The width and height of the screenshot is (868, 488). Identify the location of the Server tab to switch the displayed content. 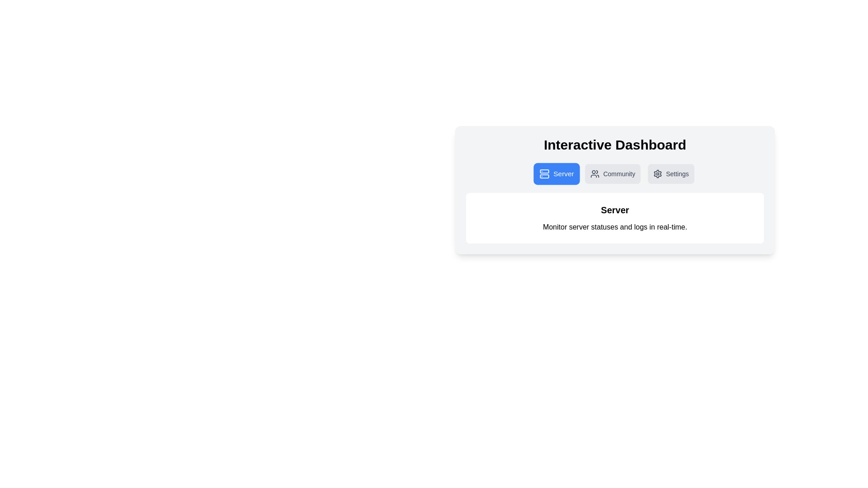
(556, 174).